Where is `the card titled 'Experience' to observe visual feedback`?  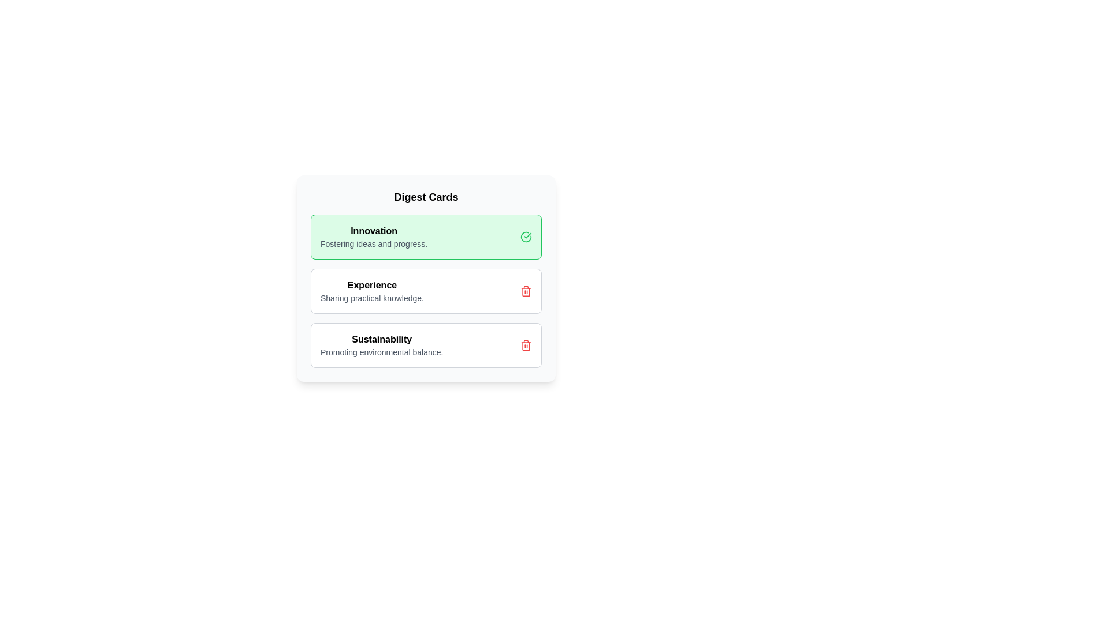
the card titled 'Experience' to observe visual feedback is located at coordinates (426, 291).